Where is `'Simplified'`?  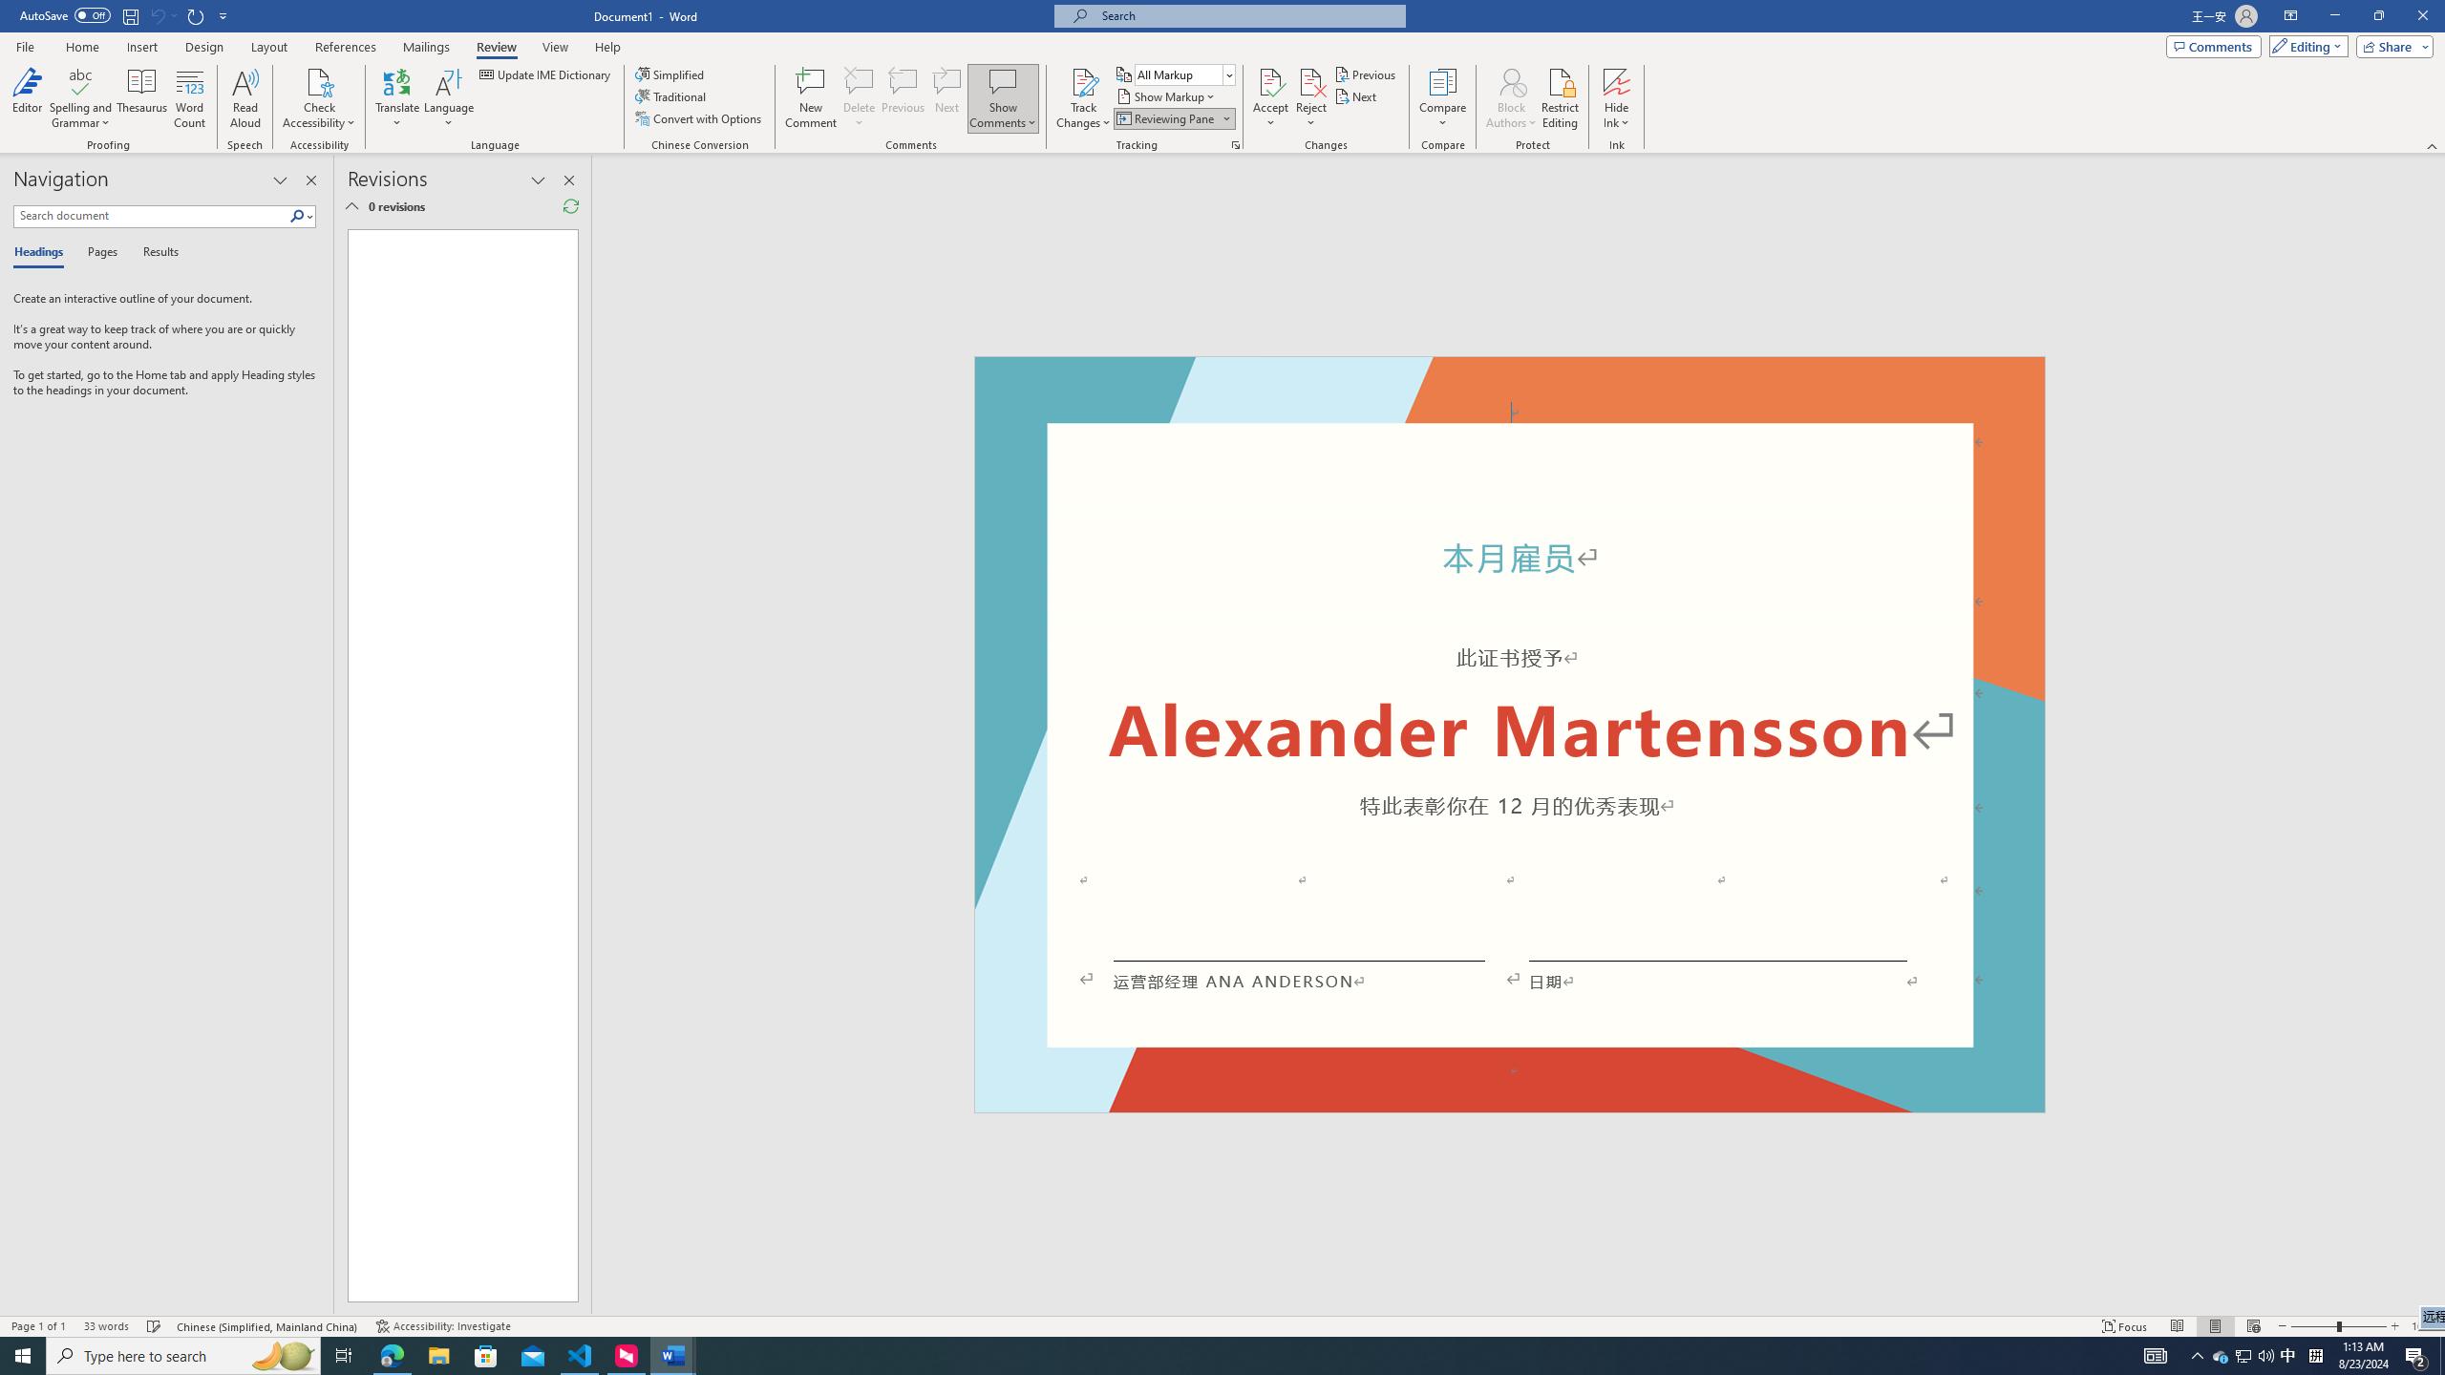
'Simplified' is located at coordinates (672, 74).